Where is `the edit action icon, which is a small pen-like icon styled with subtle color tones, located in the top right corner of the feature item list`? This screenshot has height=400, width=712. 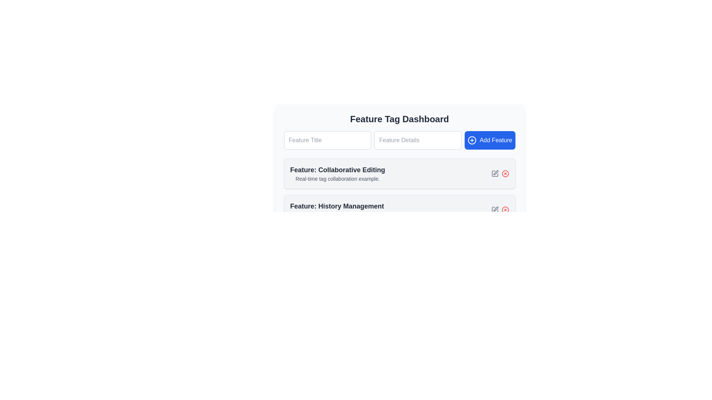 the edit action icon, which is a small pen-like icon styled with subtle color tones, located in the top right corner of the feature item list is located at coordinates (496, 209).